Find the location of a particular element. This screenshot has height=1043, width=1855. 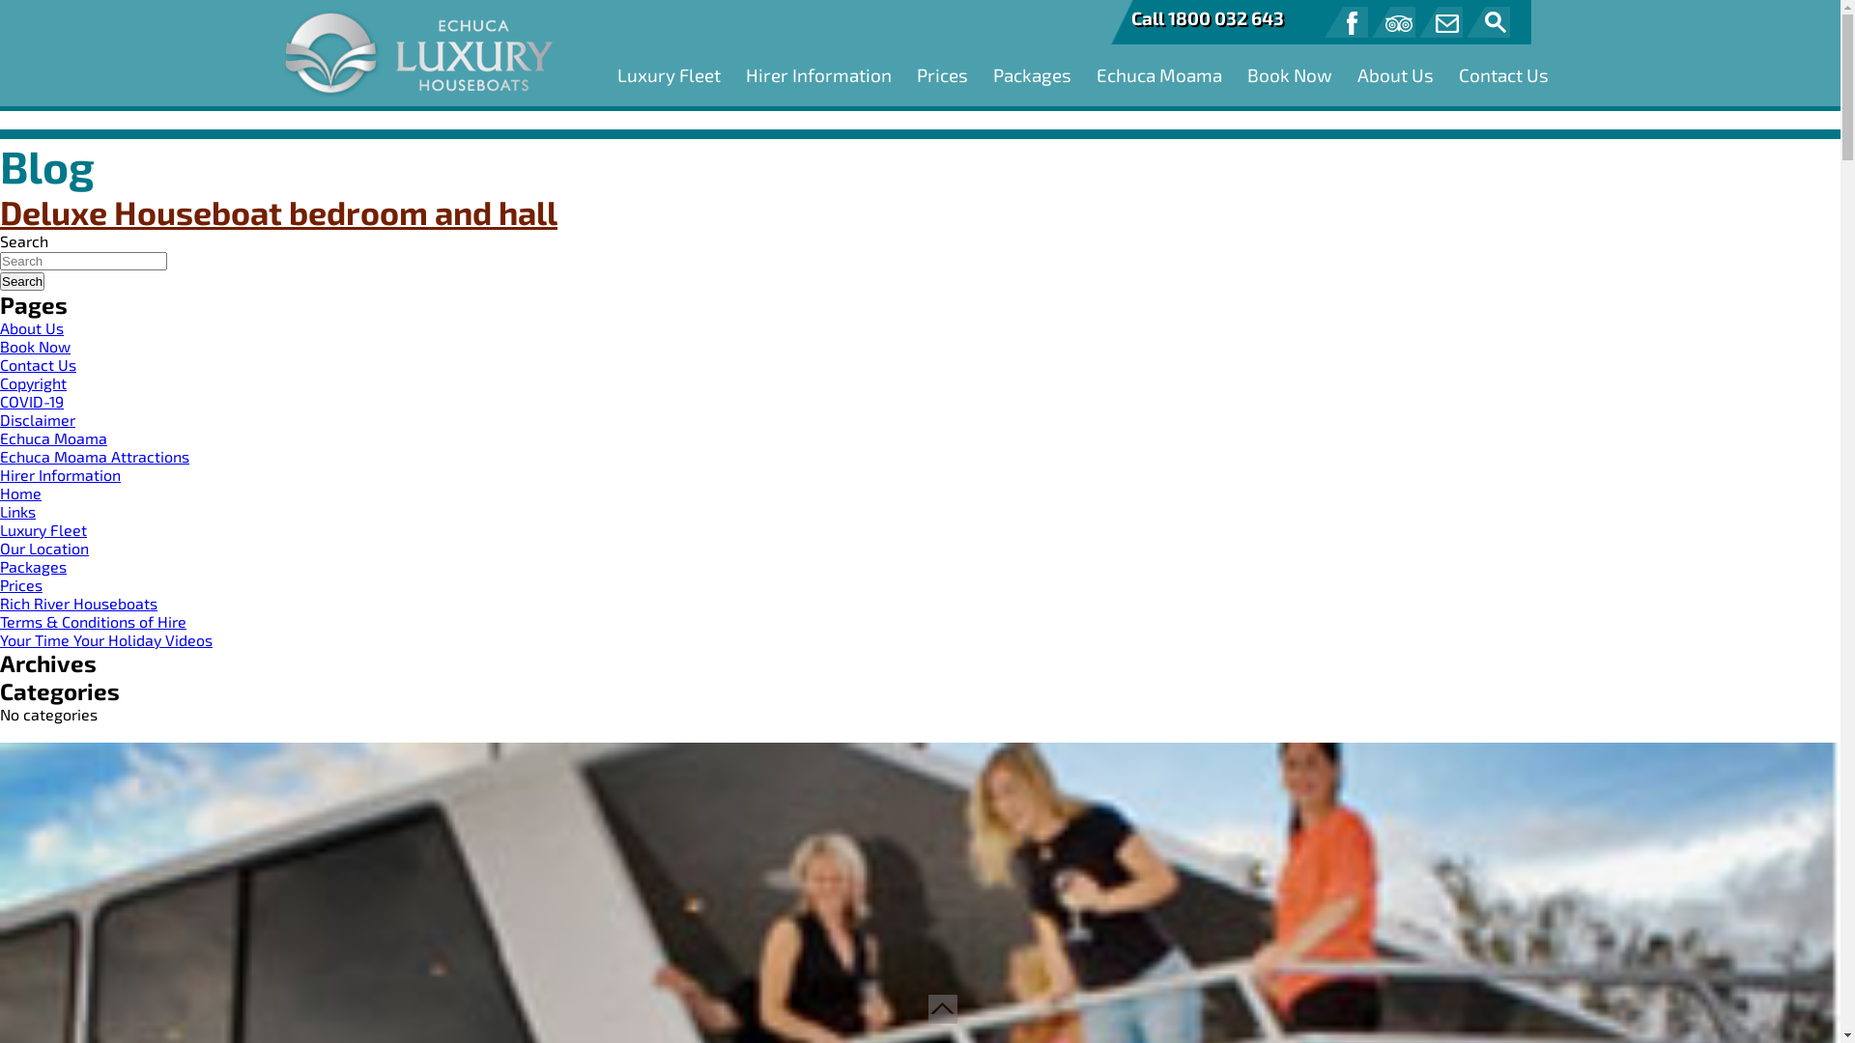

'Copyright' is located at coordinates (33, 382).